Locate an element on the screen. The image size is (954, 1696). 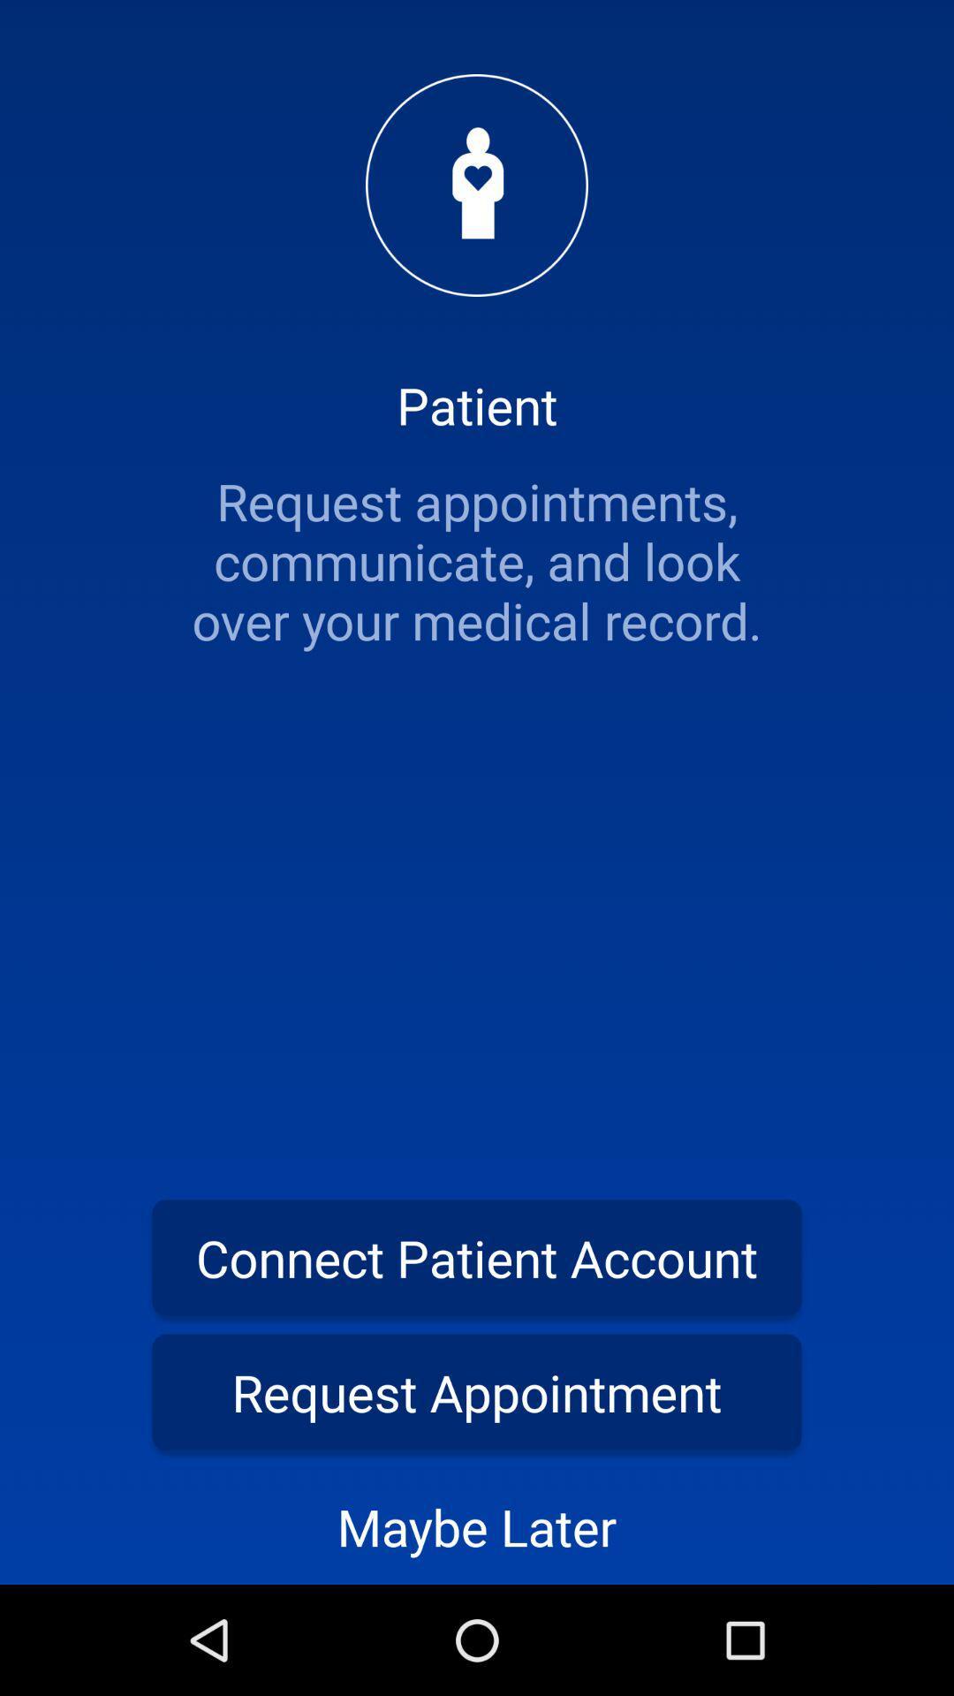
icon above maybe later is located at coordinates (477, 1391).